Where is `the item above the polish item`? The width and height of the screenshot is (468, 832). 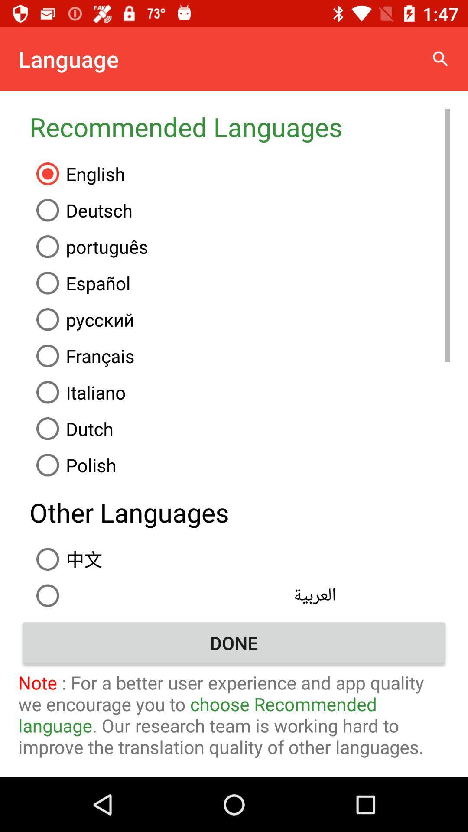
the item above the polish item is located at coordinates (240, 429).